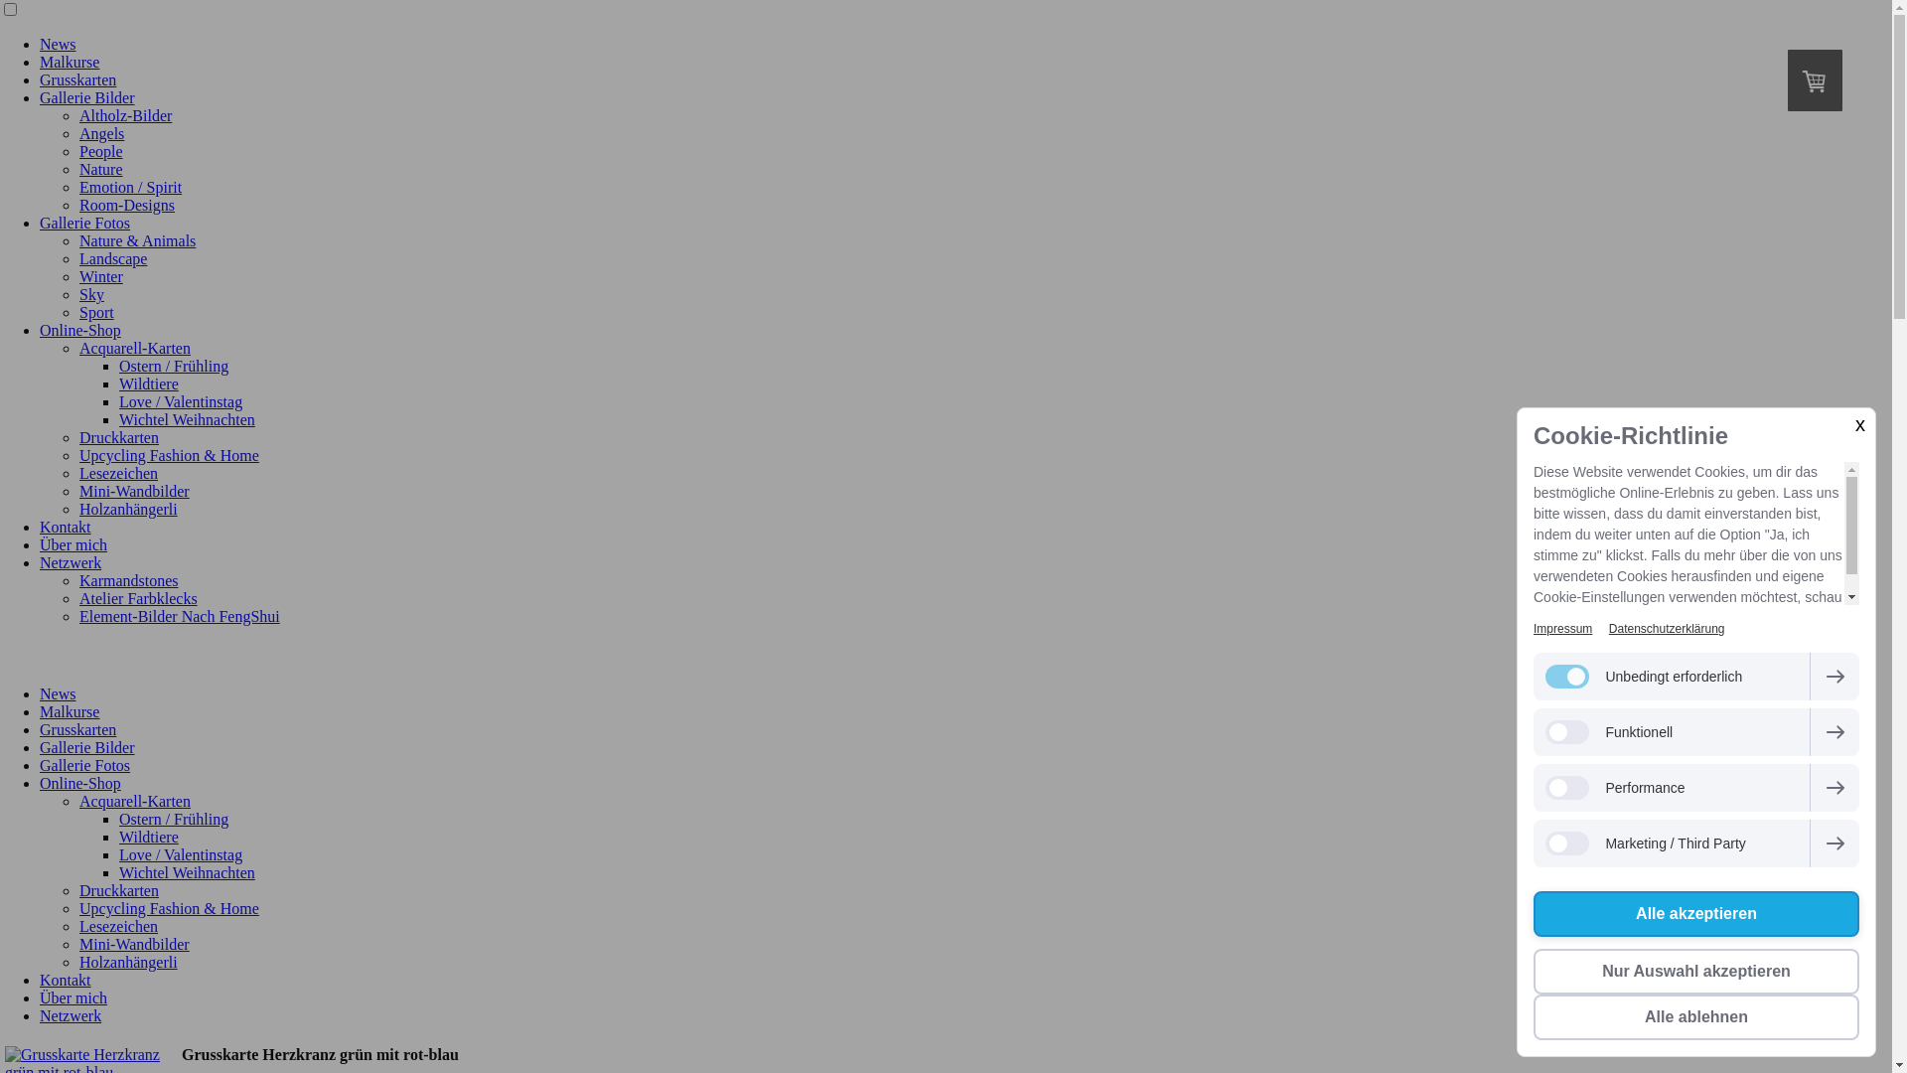 The height and width of the screenshot is (1073, 1907). What do you see at coordinates (1695, 914) in the screenshot?
I see `'Alle akzeptieren'` at bounding box center [1695, 914].